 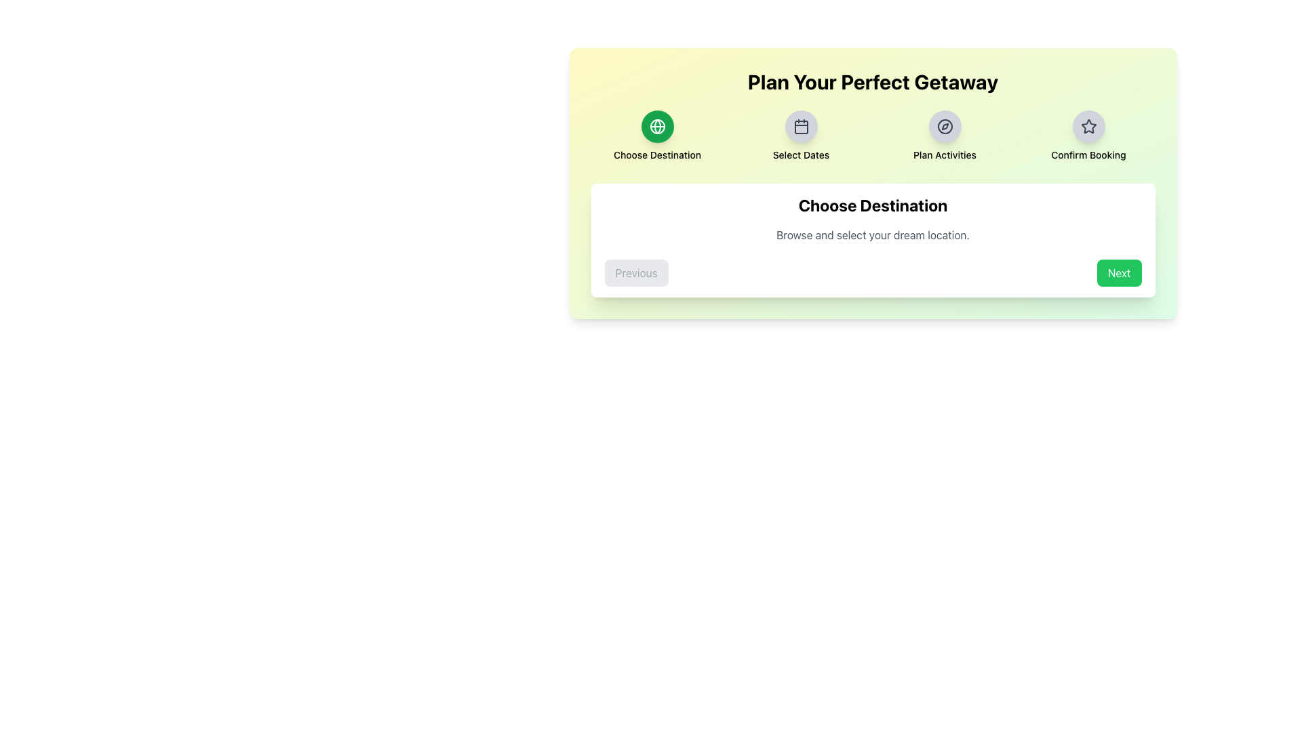 What do you see at coordinates (801, 154) in the screenshot?
I see `the static text label reading 'Select Dates' which is centrally aligned under a calendar icon in the navigation panel` at bounding box center [801, 154].